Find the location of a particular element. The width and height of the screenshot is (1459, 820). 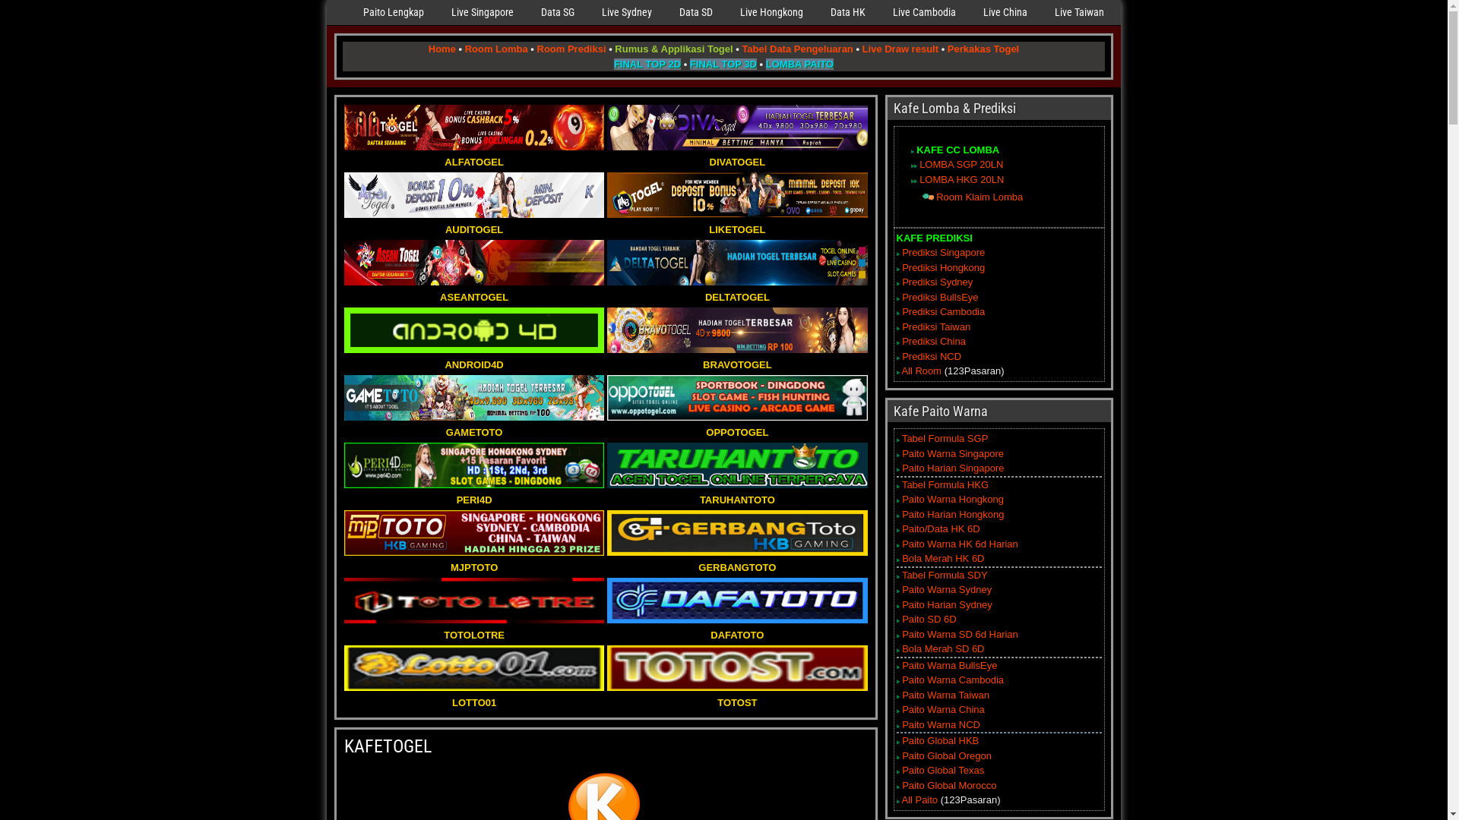

'Bandar Judi Online Terpercaya GerbangTOTO' is located at coordinates (736, 532).